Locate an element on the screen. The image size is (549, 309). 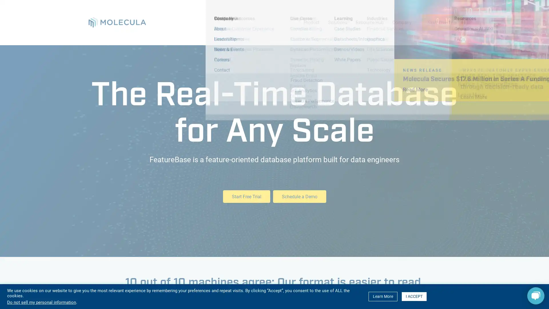
Learn More is located at coordinates (383, 296).